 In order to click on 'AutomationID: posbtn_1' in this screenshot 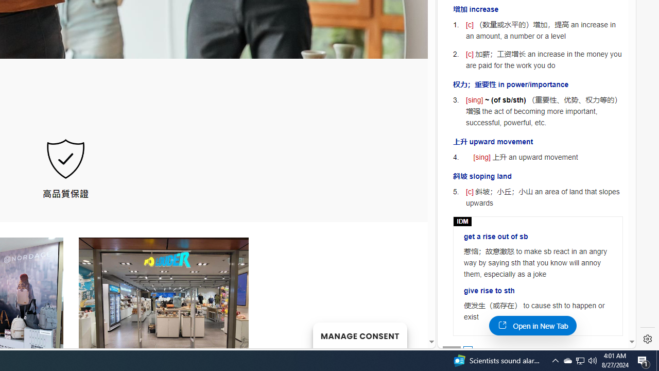, I will do `click(467, 350)`.